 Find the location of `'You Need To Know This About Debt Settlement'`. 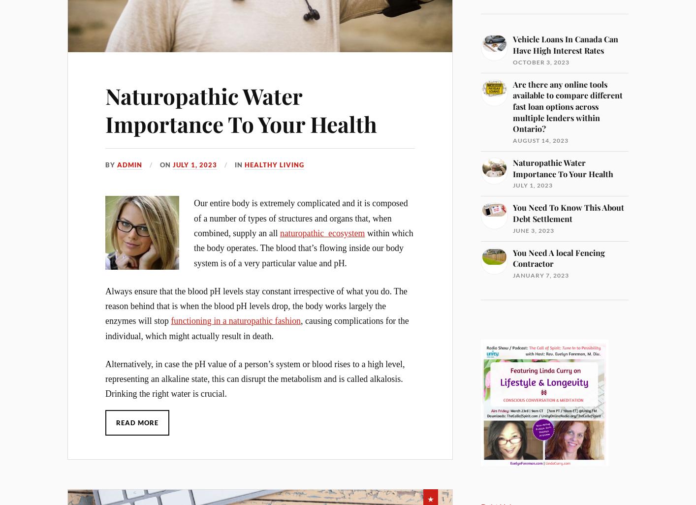

'You Need To Know This About Debt Settlement' is located at coordinates (568, 213).